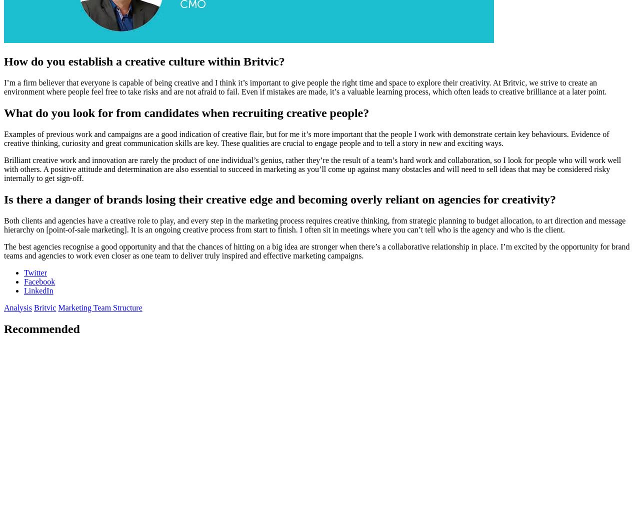  I want to click on 'Analysis', so click(17, 306).